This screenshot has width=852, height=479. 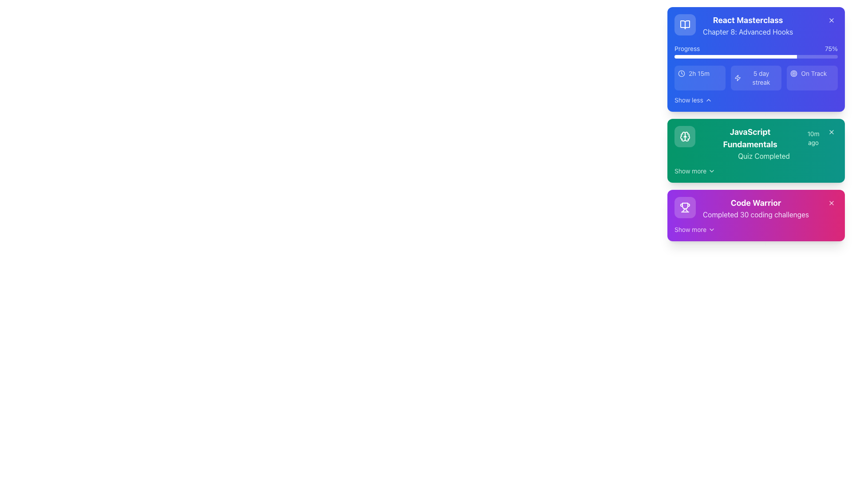 I want to click on the visual representation of the book icon located inside the semi-transparent blue square box at the top left corner of the 'React Masterclass' card, so click(x=685, y=24).